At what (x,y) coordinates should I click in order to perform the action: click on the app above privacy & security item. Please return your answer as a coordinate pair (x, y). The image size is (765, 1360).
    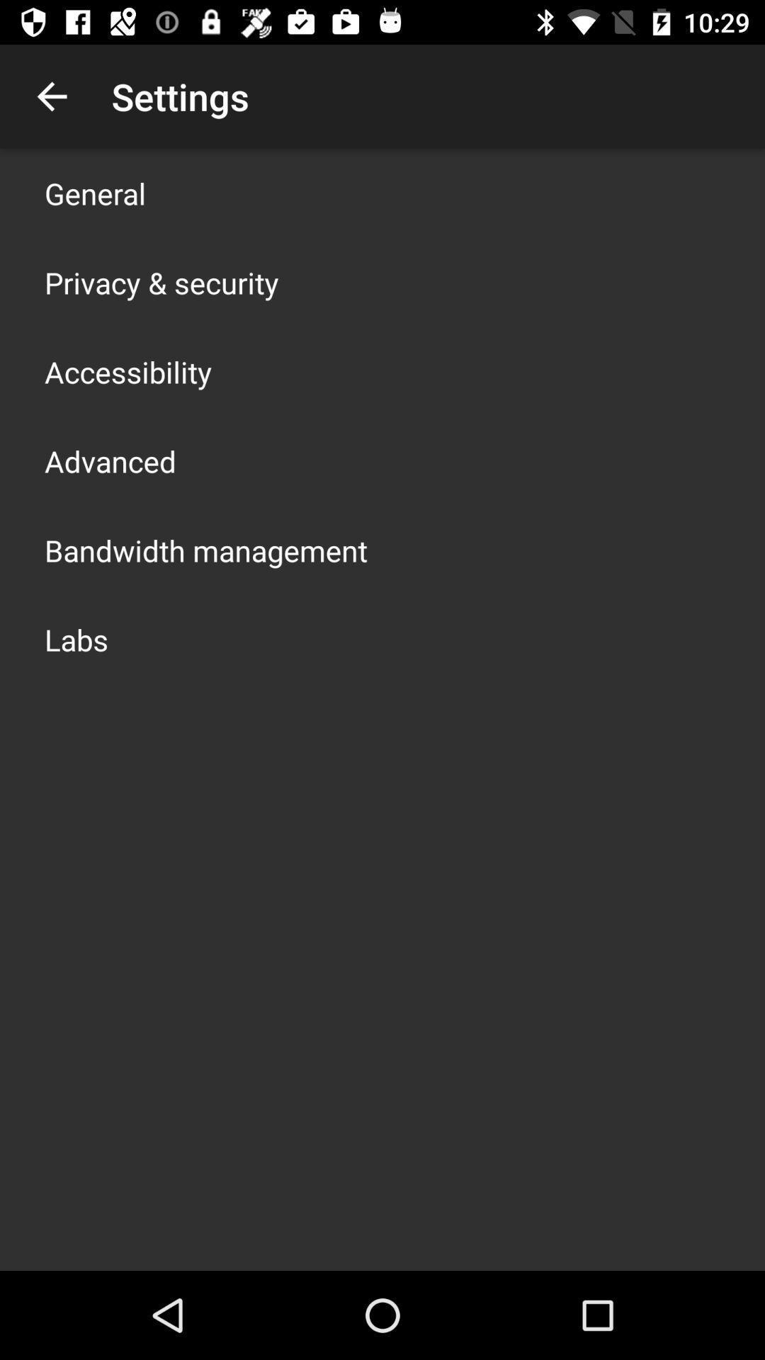
    Looking at the image, I should click on (95, 193).